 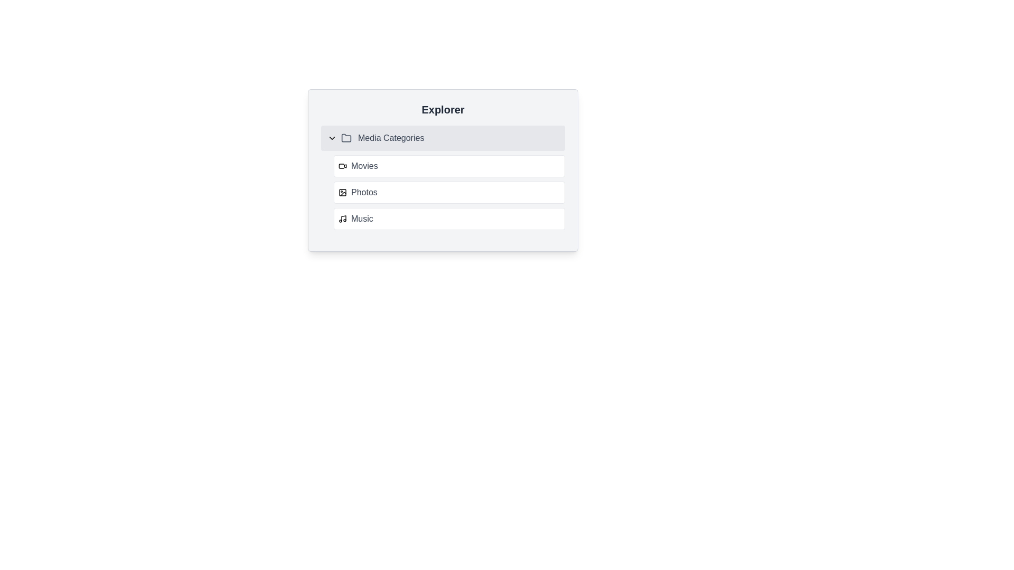 What do you see at coordinates (346, 137) in the screenshot?
I see `the folder icon located to the right of the drop-down expansion arrow and before the text label 'Media Categories' to interact with it` at bounding box center [346, 137].